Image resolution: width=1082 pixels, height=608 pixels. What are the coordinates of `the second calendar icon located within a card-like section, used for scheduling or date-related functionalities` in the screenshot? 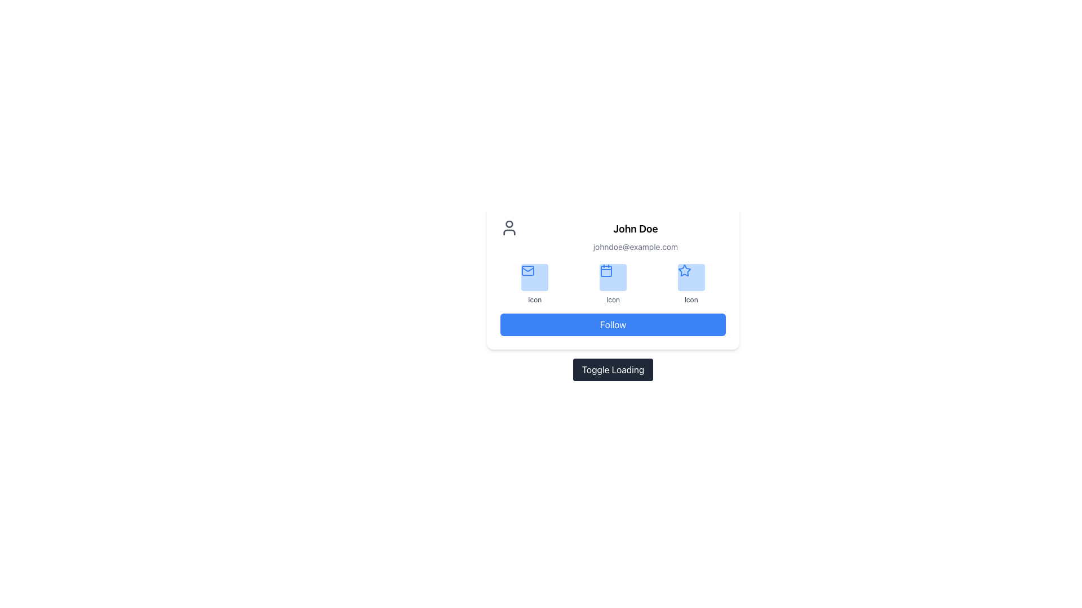 It's located at (605, 271).